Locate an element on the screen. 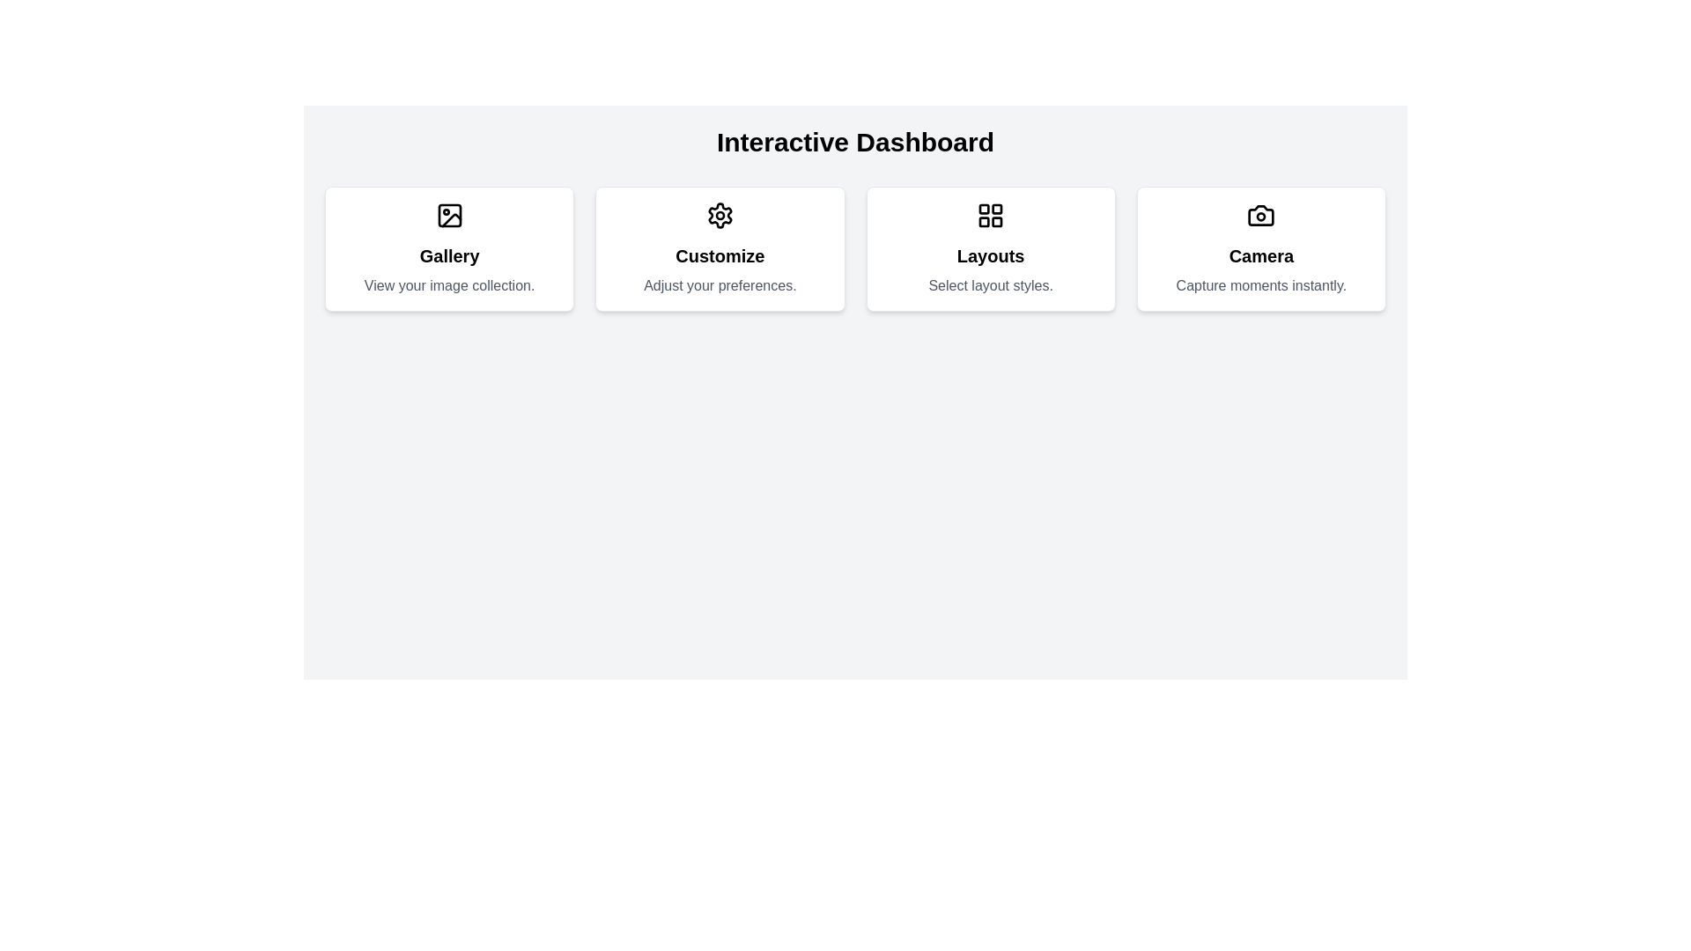 Image resolution: width=1691 pixels, height=951 pixels. the prominent text label 'Customize' styled in XL bold font, located in the center card below the gear icon and above the subtitle 'Adjust your preferences' is located at coordinates (720, 255).